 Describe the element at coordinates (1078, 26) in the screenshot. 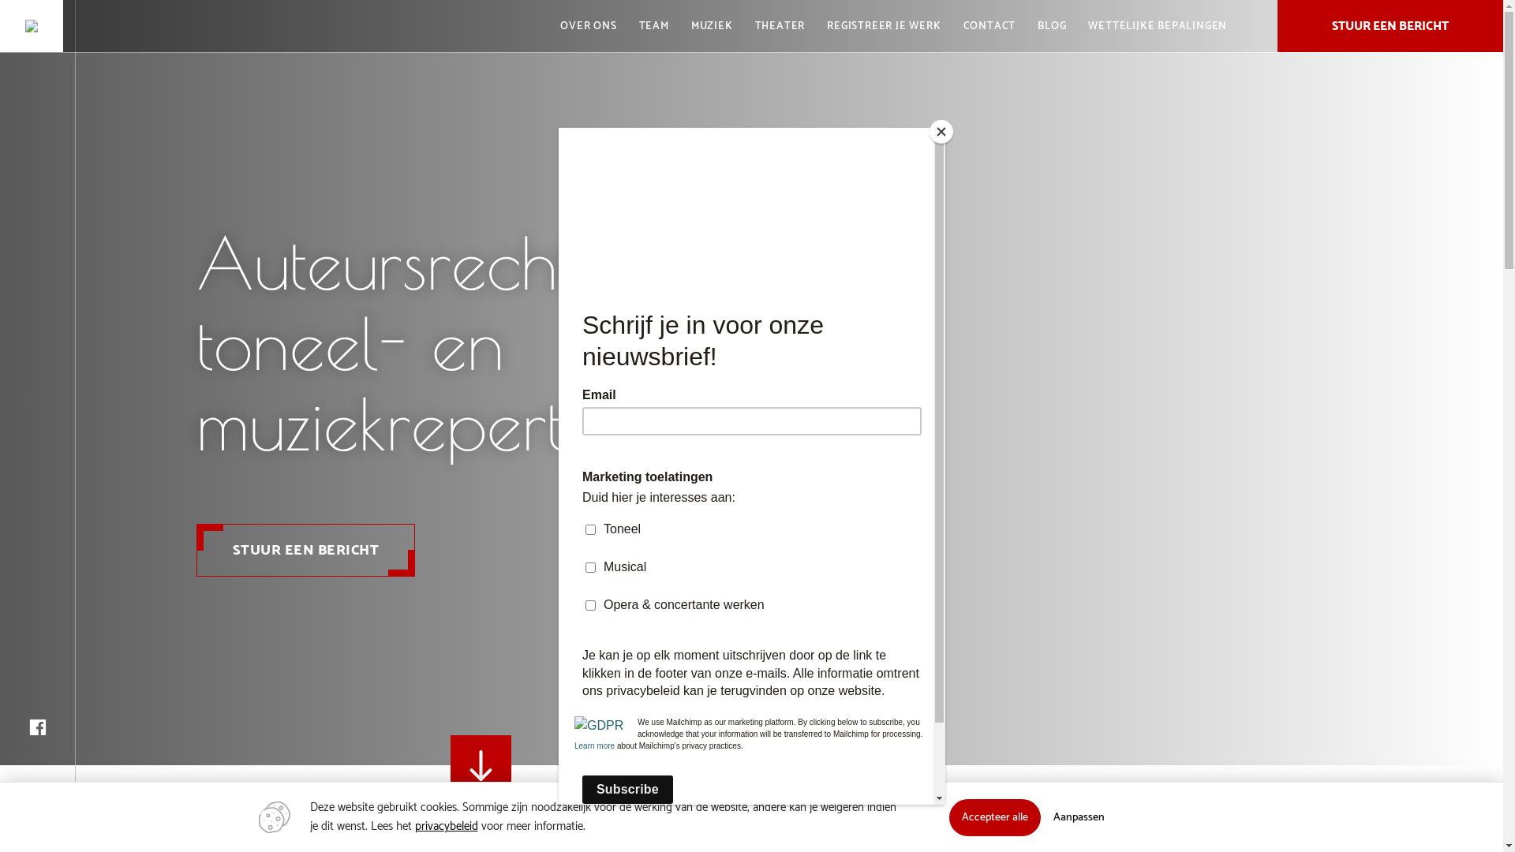

I see `'WETTELIJKE BEPALINGEN'` at that location.